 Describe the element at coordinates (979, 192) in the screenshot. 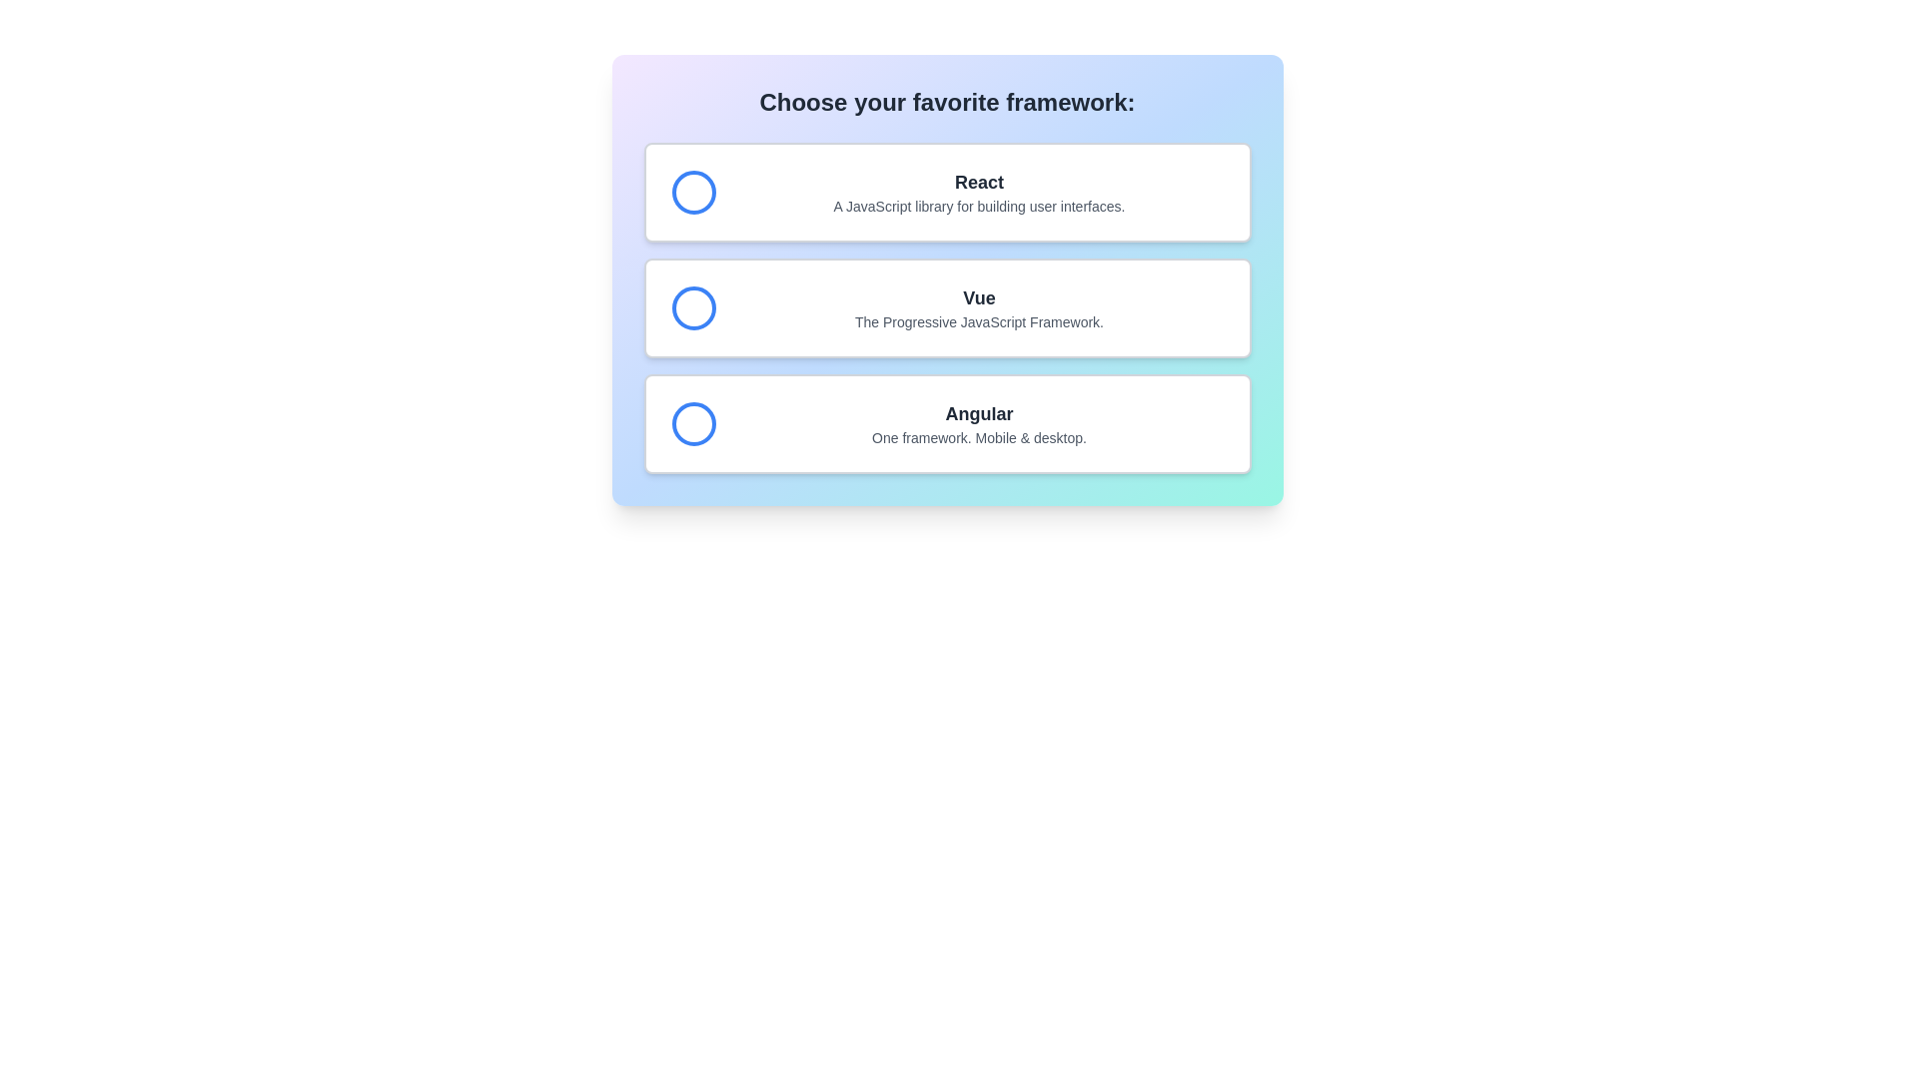

I see `title and description for information about the 'React' framework, which is part of the first option in the list of selectable frameworks located in the upper section of the interface` at that location.